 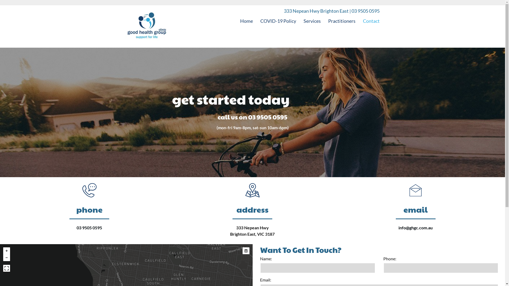 I want to click on 'Layers', so click(x=245, y=251).